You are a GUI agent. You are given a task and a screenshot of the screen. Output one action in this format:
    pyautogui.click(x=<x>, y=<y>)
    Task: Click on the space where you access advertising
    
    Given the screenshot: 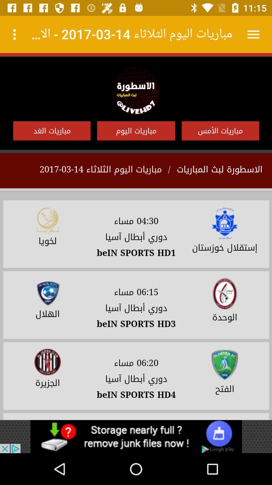 What is the action you would take?
    pyautogui.click(x=136, y=436)
    